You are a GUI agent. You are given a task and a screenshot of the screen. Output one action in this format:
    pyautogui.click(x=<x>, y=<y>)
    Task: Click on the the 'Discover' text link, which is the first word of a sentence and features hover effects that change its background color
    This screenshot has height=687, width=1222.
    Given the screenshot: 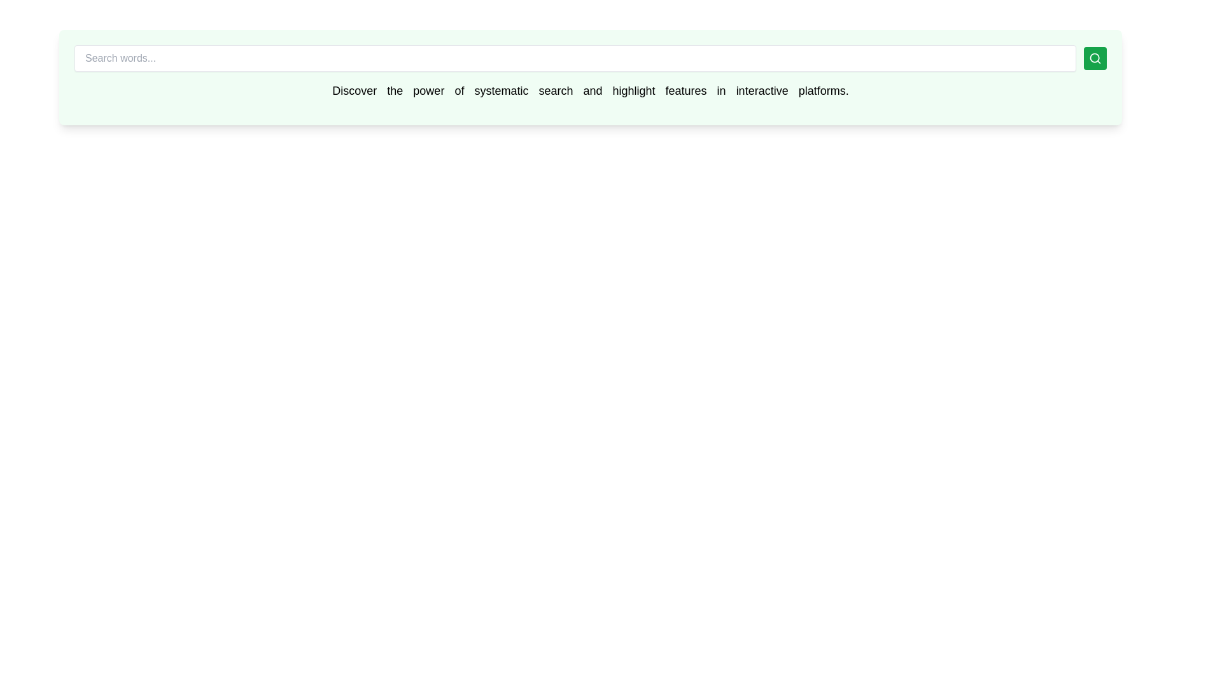 What is the action you would take?
    pyautogui.click(x=355, y=90)
    